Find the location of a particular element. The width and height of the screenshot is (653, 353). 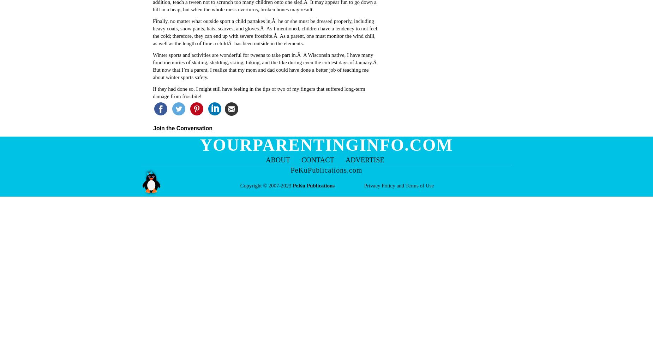

'Join the Conversation' is located at coordinates (183, 127).